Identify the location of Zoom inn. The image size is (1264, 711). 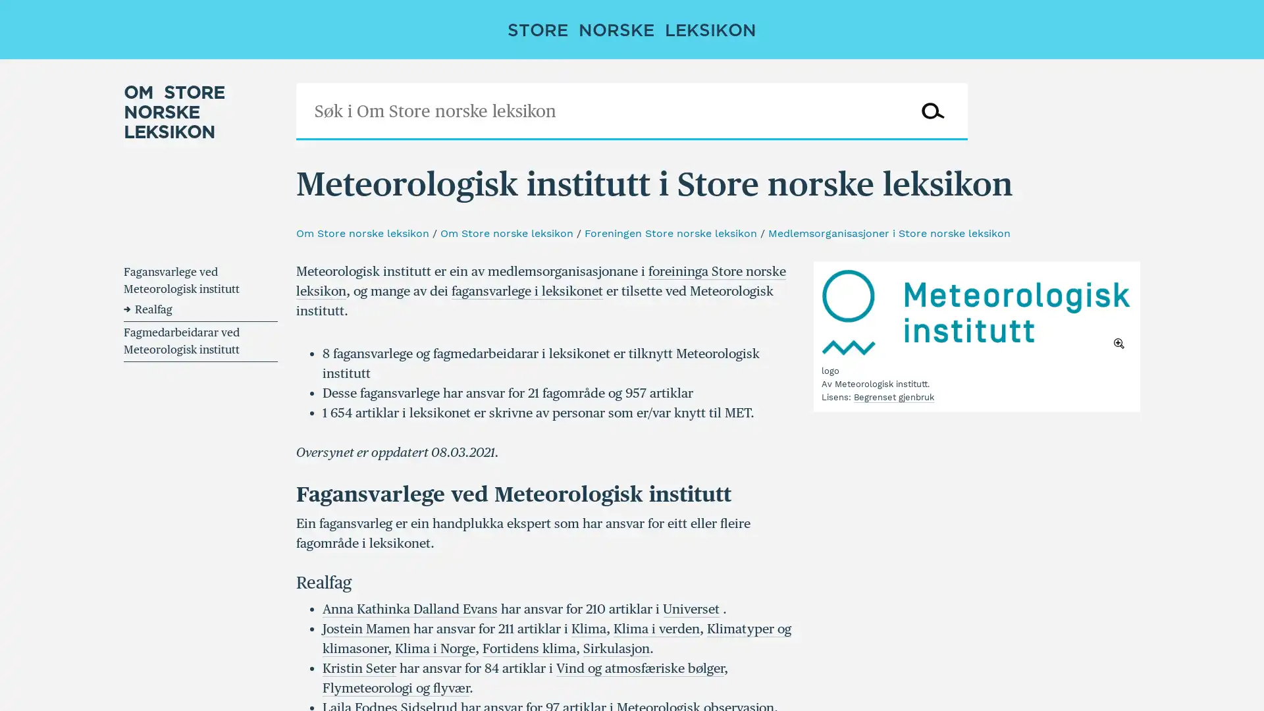
(976, 312).